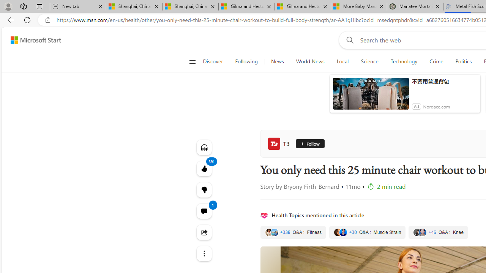  Describe the element at coordinates (371, 96) in the screenshot. I see `'anim-content'` at that location.